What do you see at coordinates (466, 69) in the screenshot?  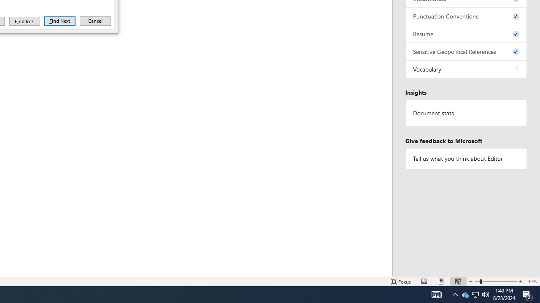 I see `'Vocabulary, 1 issue. Press space or enter to review items.'` at bounding box center [466, 69].